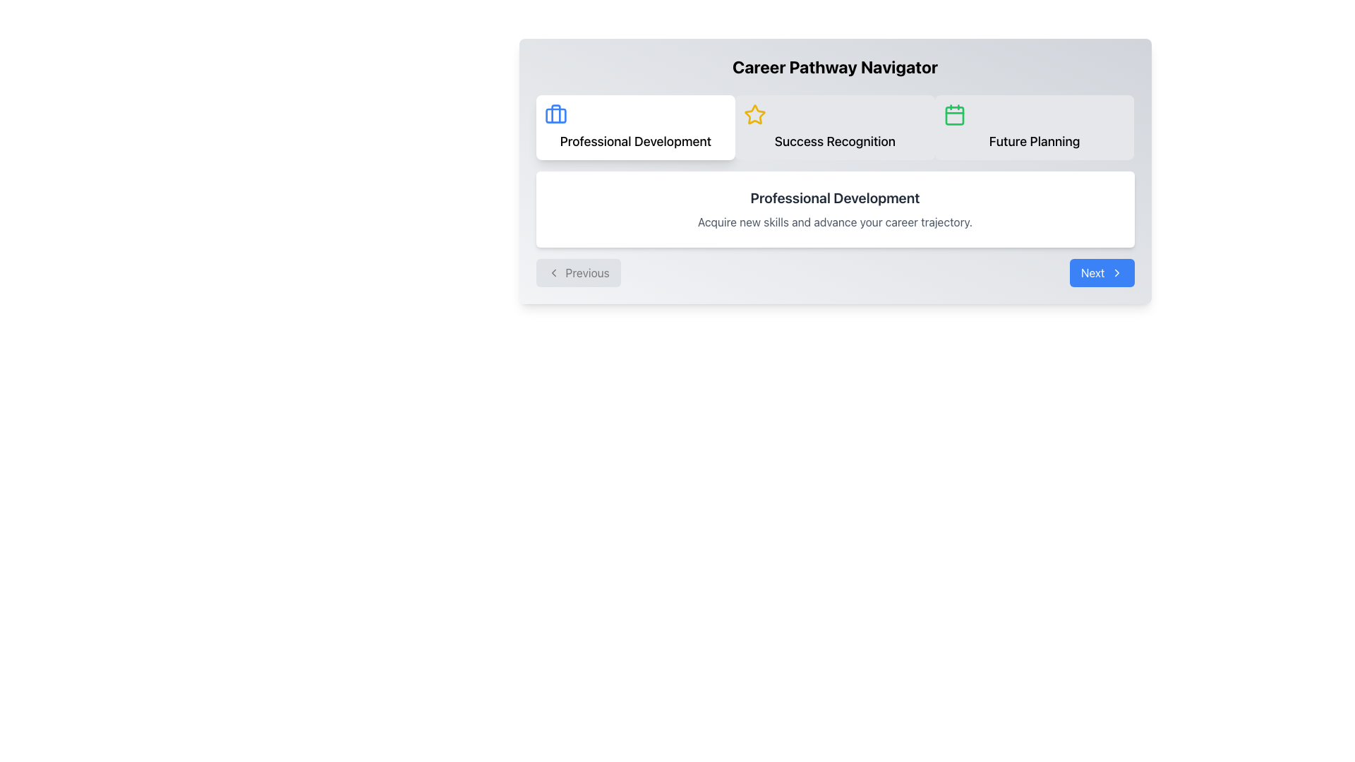  Describe the element at coordinates (1116, 272) in the screenshot. I see `the right-pointing chevron icon within the 'Next' button` at that location.